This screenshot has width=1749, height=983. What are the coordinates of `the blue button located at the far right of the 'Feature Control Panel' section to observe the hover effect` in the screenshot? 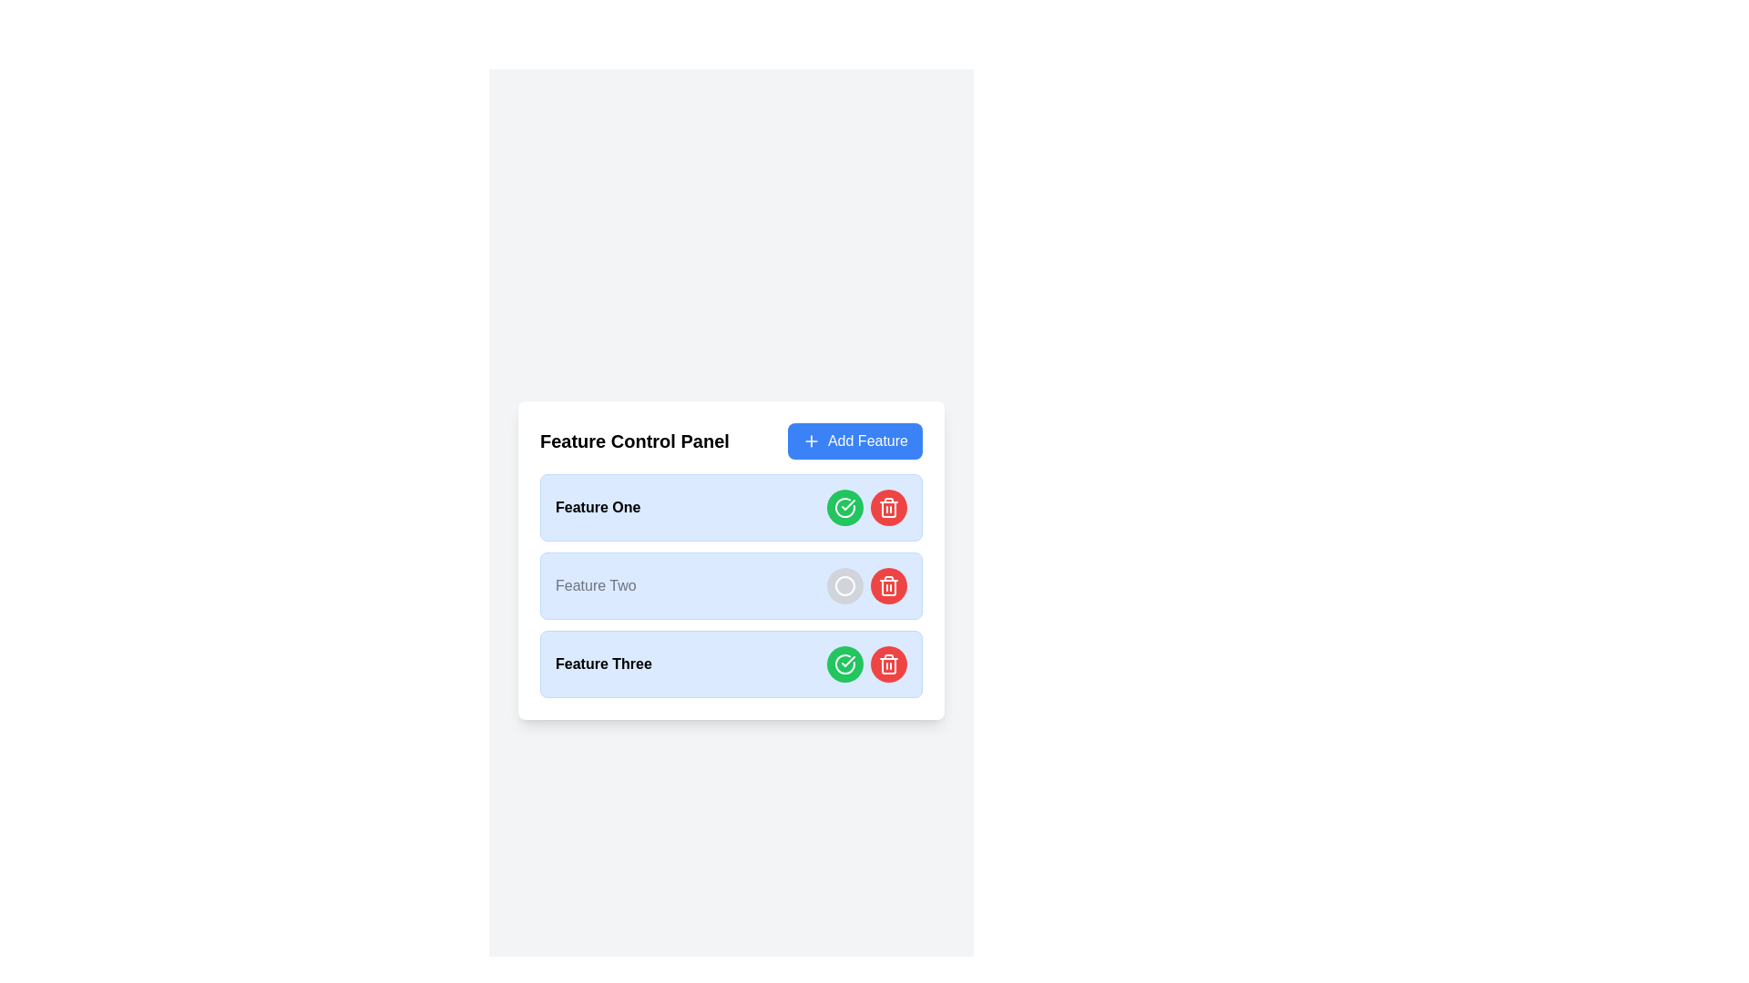 It's located at (854, 441).